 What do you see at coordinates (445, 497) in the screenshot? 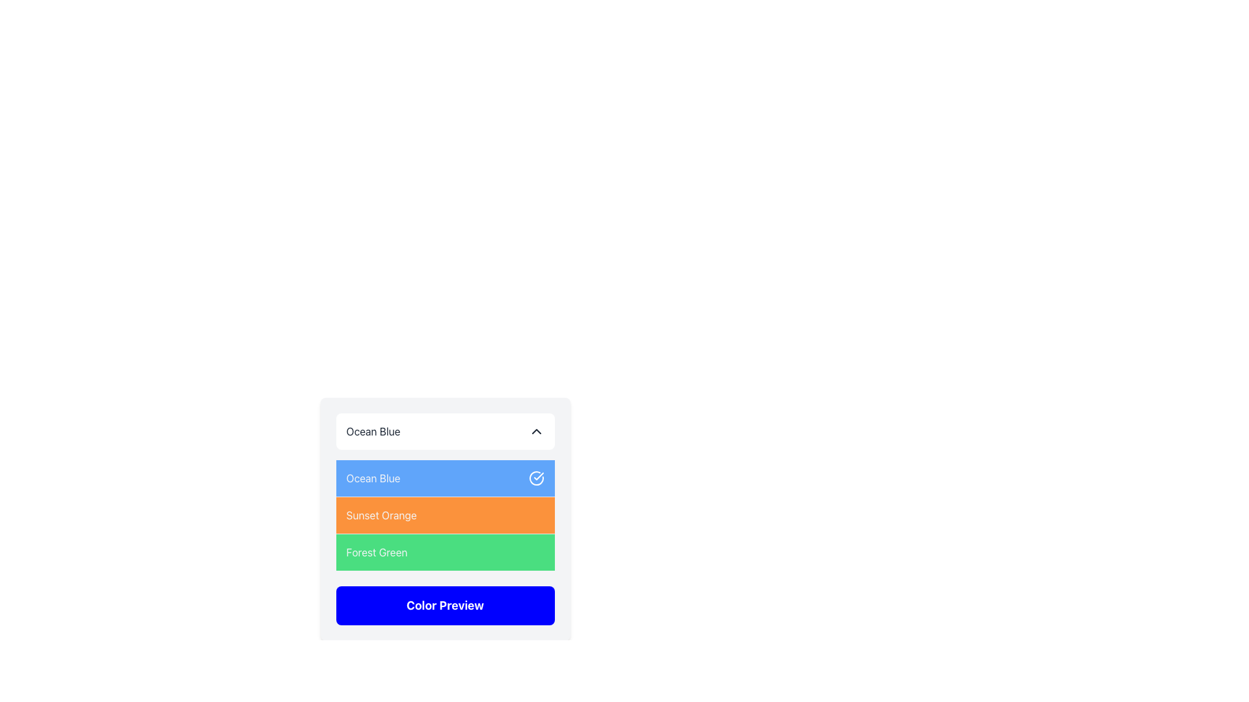
I see `the list item with a solid orange background labeled 'Sunset Orange'` at bounding box center [445, 497].